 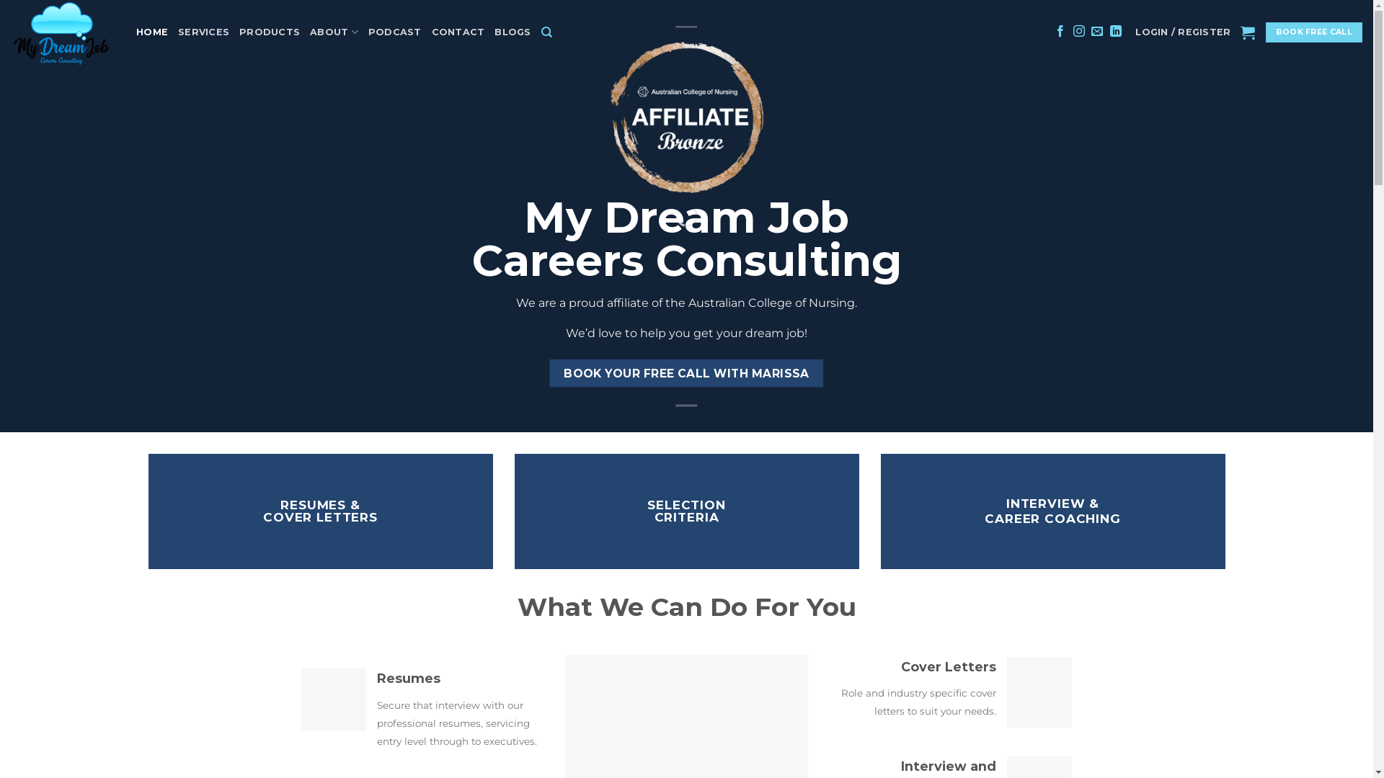 What do you see at coordinates (61, 32) in the screenshot?
I see `'My Dream Job Careers Consulting - Resume Writer'` at bounding box center [61, 32].